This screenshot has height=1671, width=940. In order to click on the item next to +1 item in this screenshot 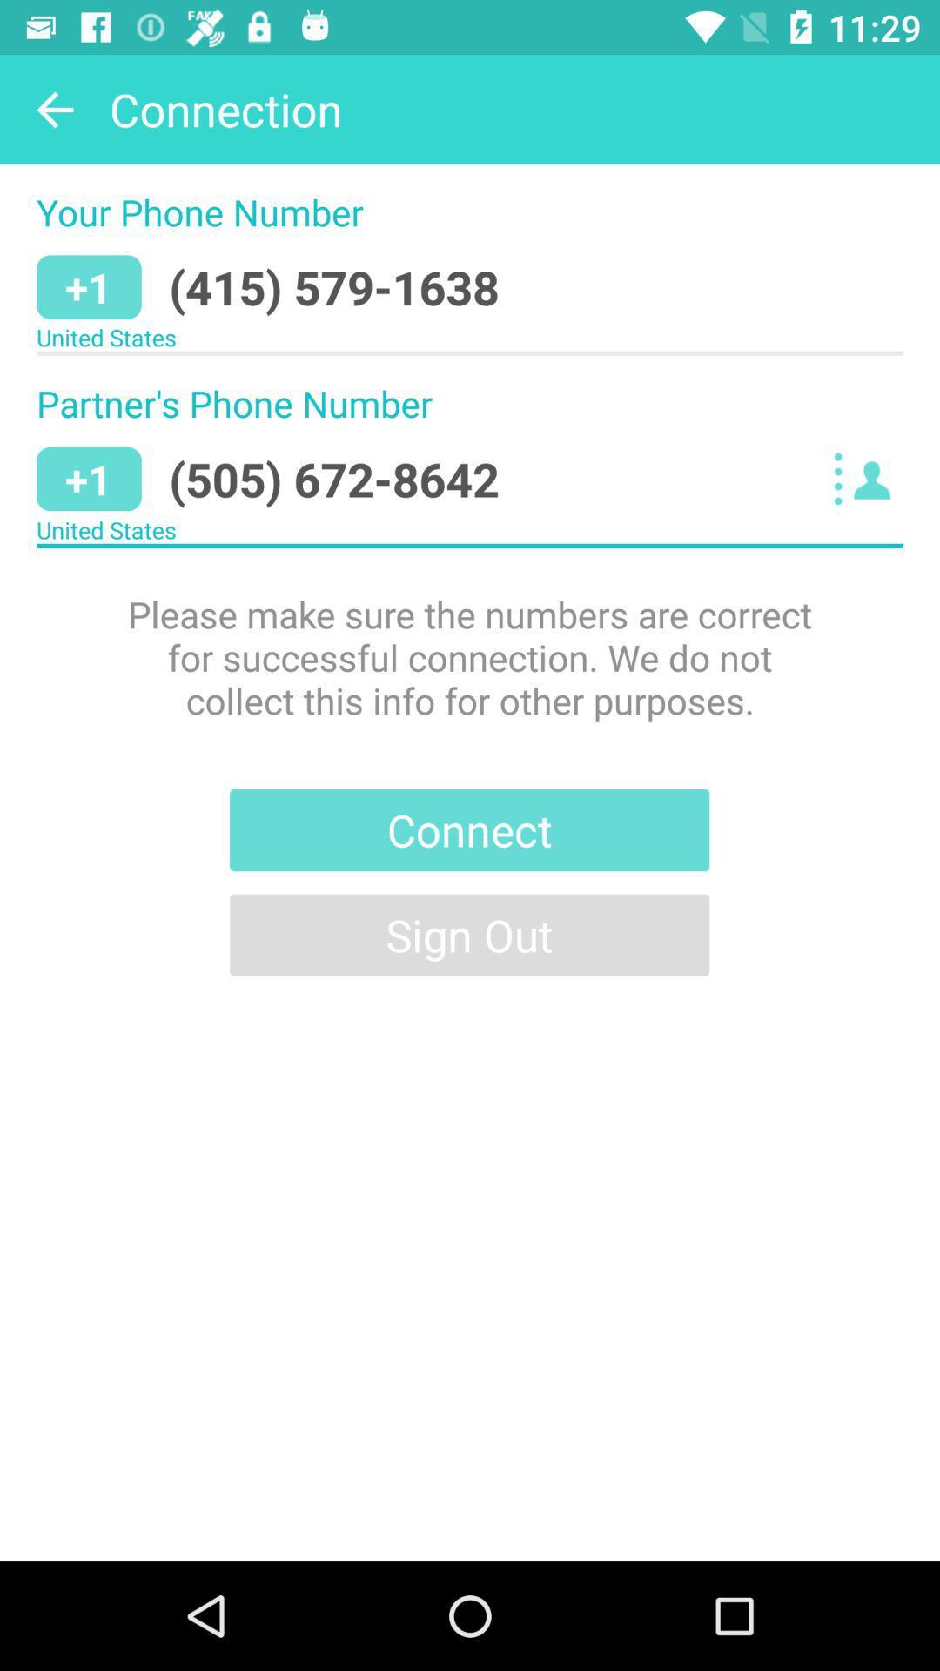, I will do `click(334, 479)`.